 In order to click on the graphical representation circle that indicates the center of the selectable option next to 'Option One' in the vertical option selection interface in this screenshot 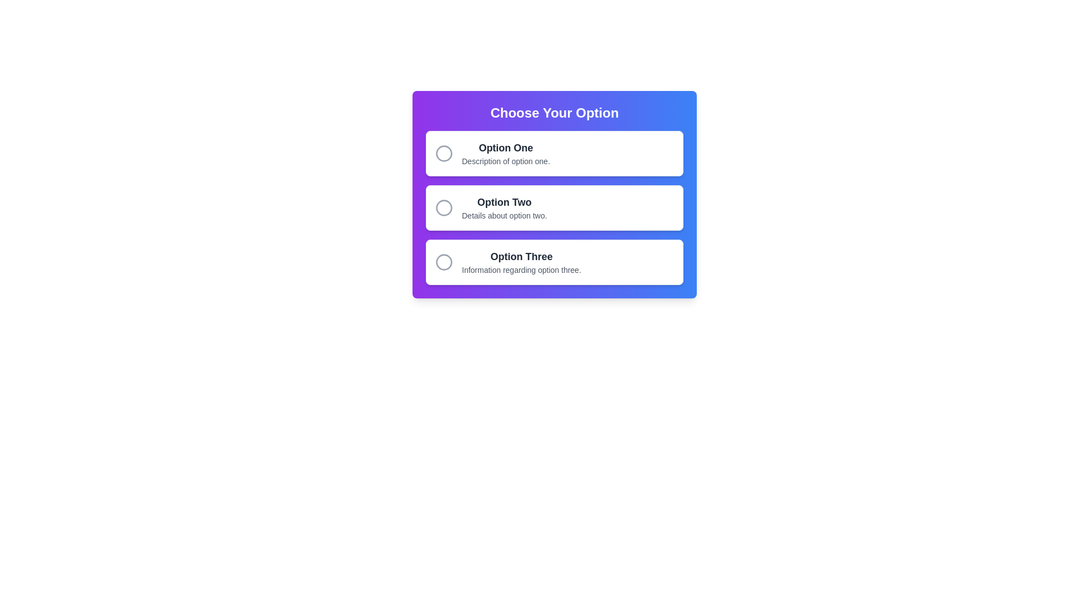, I will do `click(444, 154)`.